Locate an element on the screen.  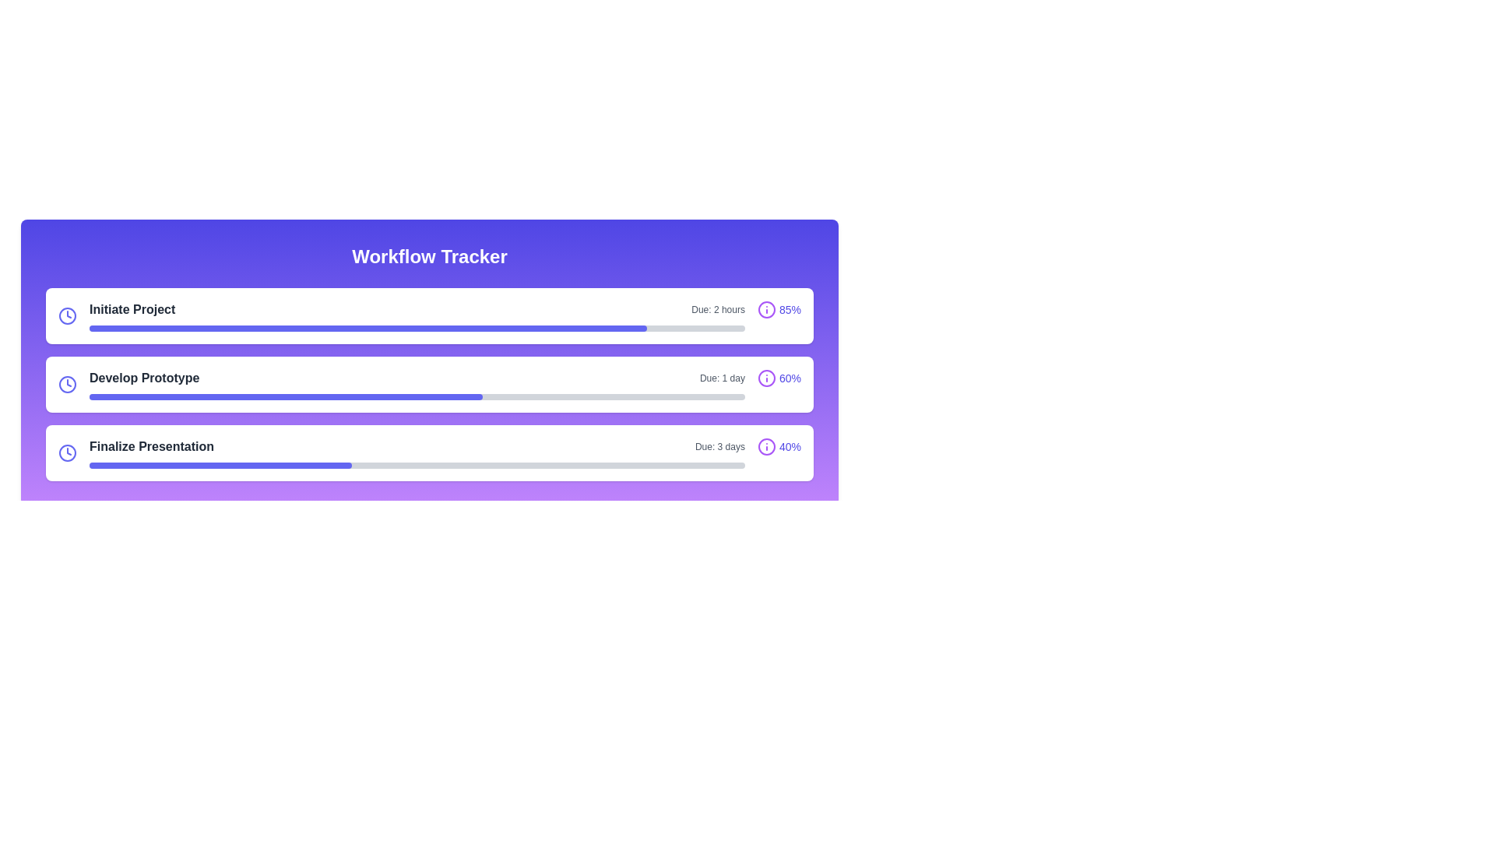
the horizontal progress bar that is purple-filled on the left, located under the 'Initiate Project' section in the 'Workflow Tracker' interface is located at coordinates (367, 327).